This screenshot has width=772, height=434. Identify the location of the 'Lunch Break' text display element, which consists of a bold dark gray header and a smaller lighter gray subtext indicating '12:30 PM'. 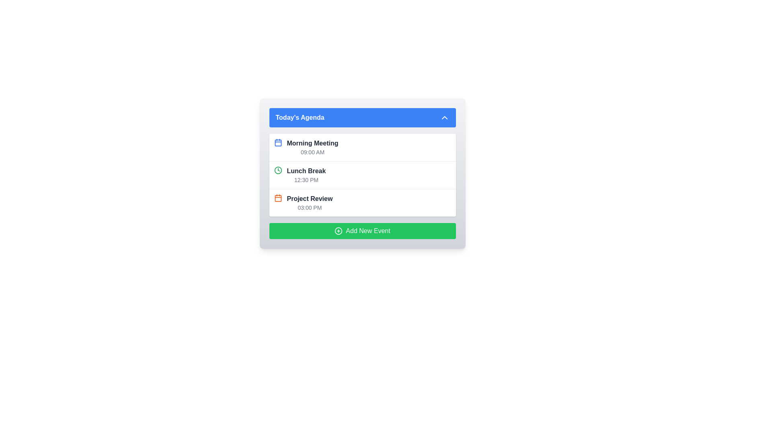
(306, 174).